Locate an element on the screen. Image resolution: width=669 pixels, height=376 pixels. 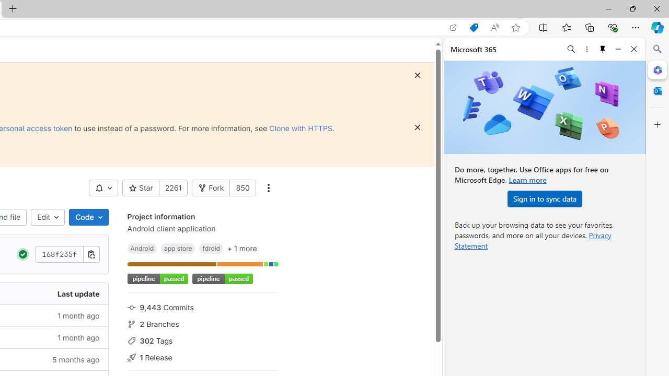
'2261' is located at coordinates (173, 188).